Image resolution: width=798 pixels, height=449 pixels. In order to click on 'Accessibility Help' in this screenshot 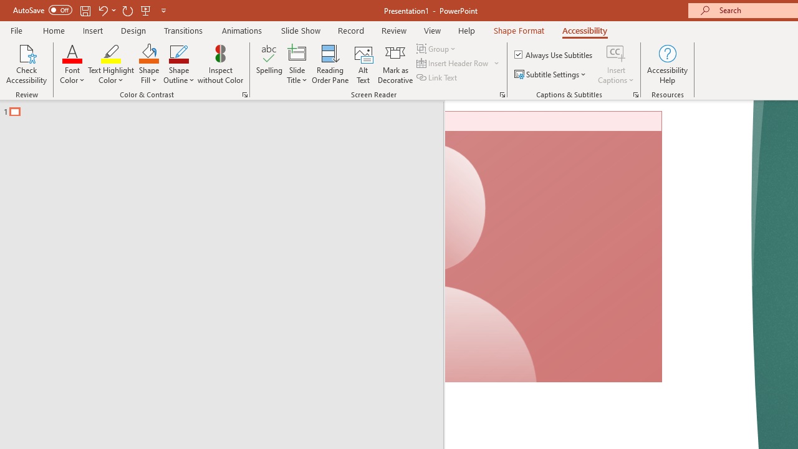, I will do `click(666, 64)`.